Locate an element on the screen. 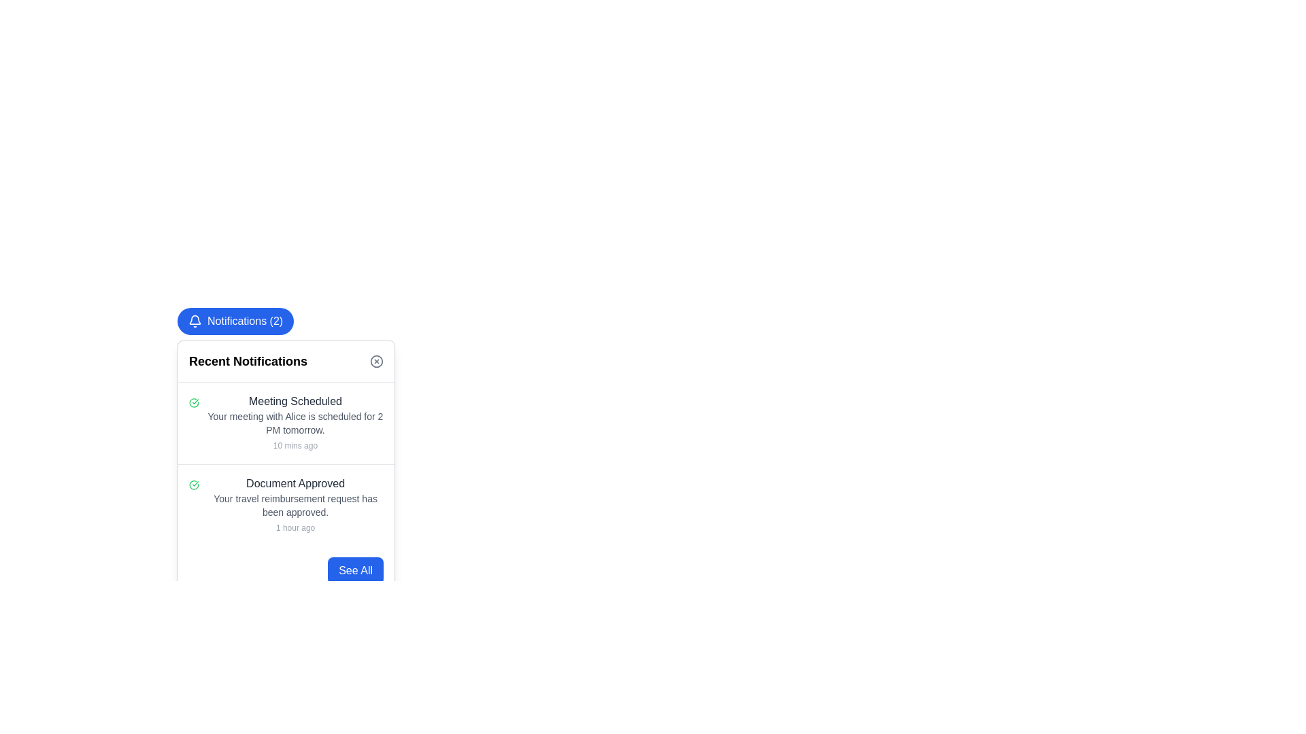  the notification entry indicating that the travel reimbursement request has been approved is located at coordinates (295, 506).